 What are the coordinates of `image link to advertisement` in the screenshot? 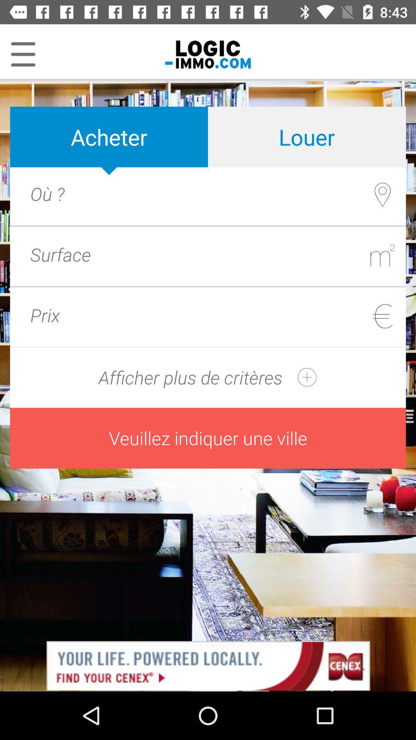 It's located at (208, 665).